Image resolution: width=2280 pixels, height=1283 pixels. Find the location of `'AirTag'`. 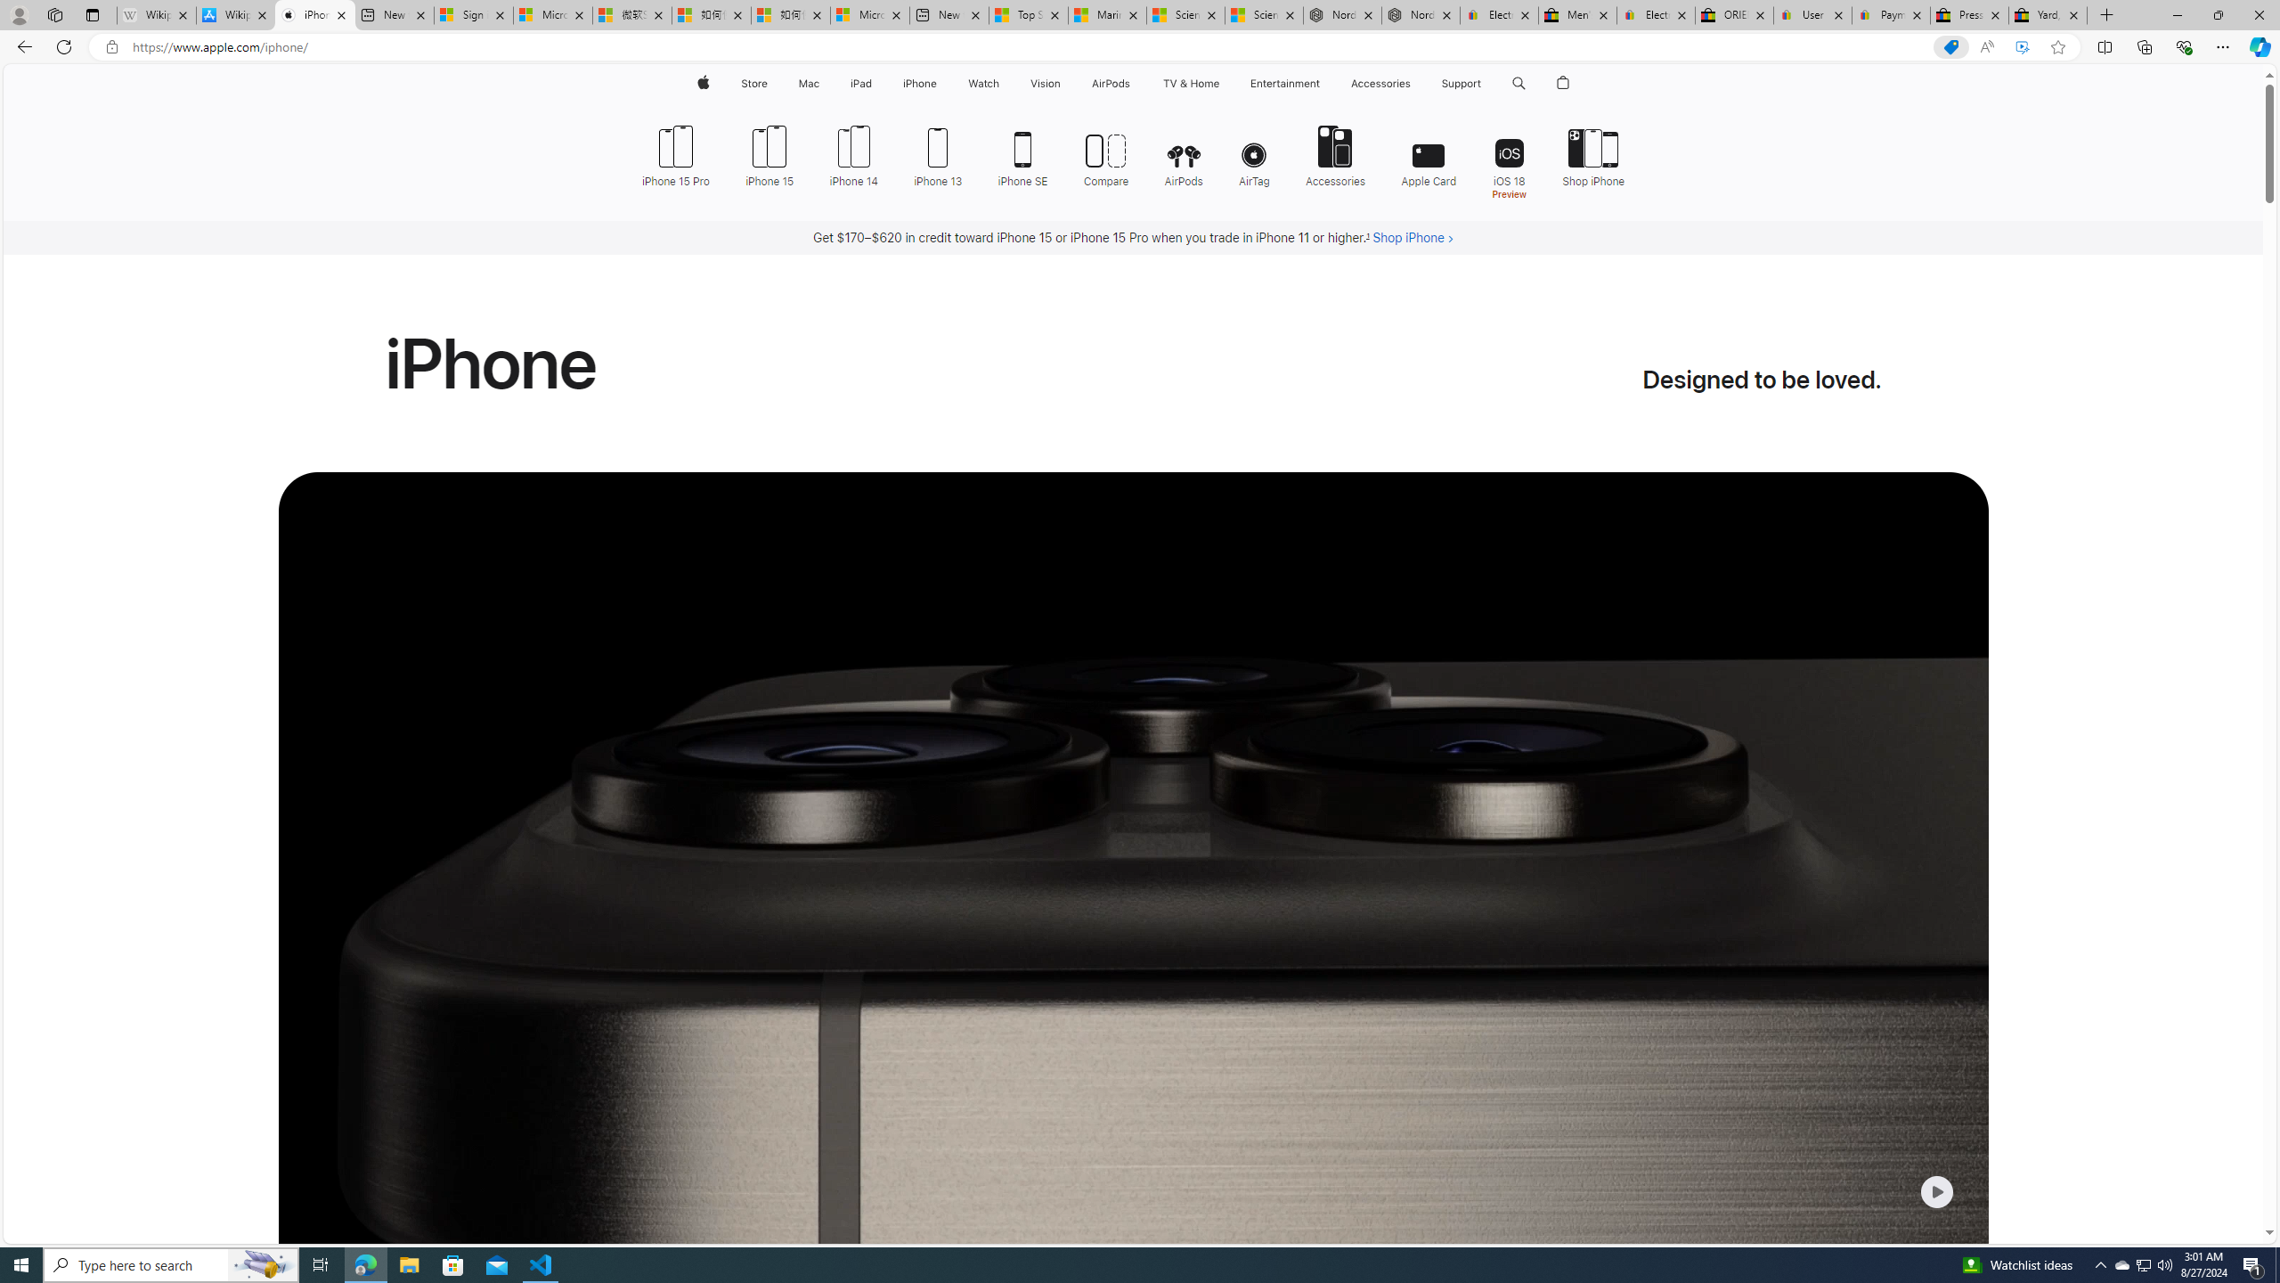

'AirTag' is located at coordinates (1255, 153).